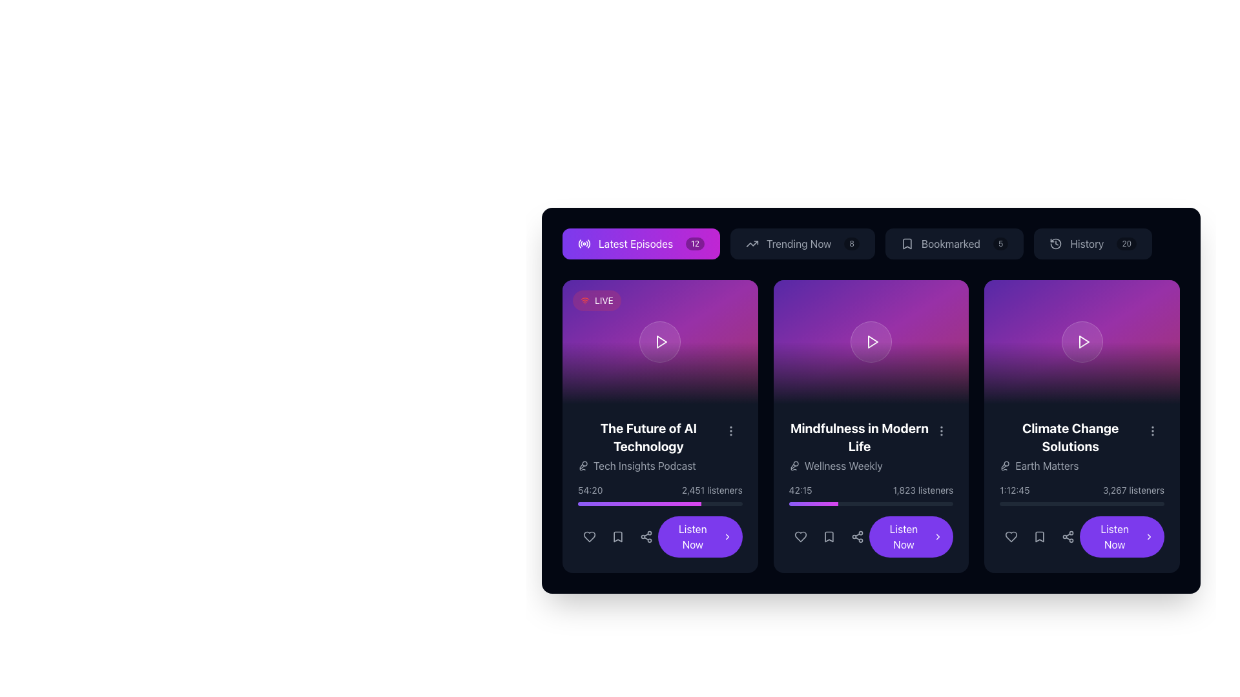 Image resolution: width=1240 pixels, height=697 pixels. I want to click on the 'LIVE' static text label displayed in white font within a red, rounded rectangular badge that has a semi-transparent background and a pulsating Wi-Fi icon to the left, so click(603, 301).